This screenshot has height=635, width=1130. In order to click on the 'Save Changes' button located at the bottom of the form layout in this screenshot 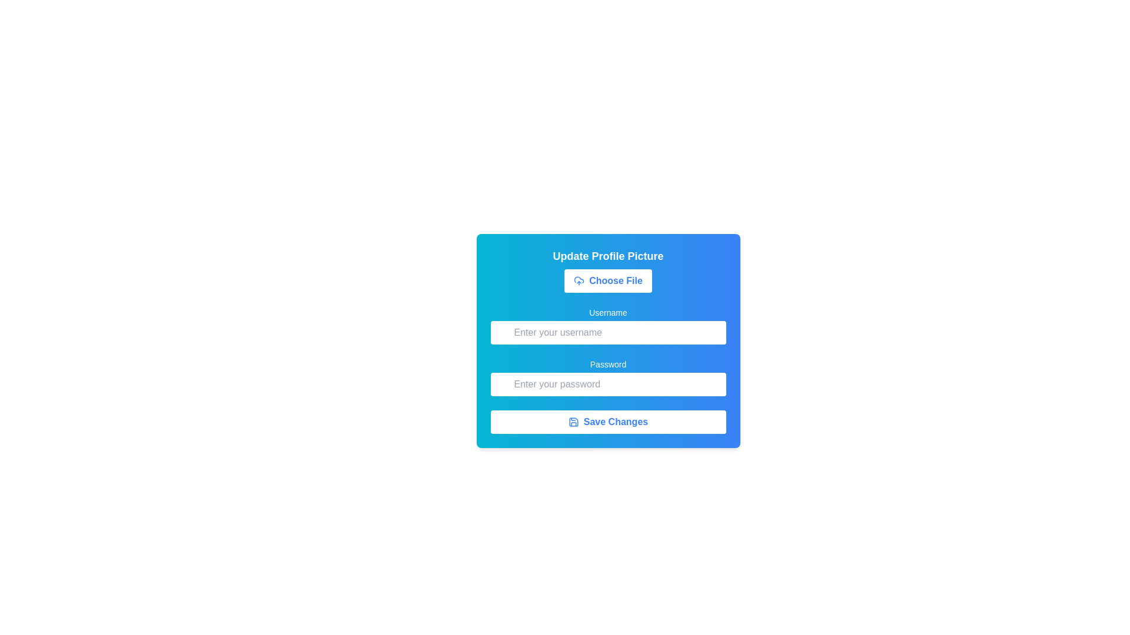, I will do `click(608, 421)`.